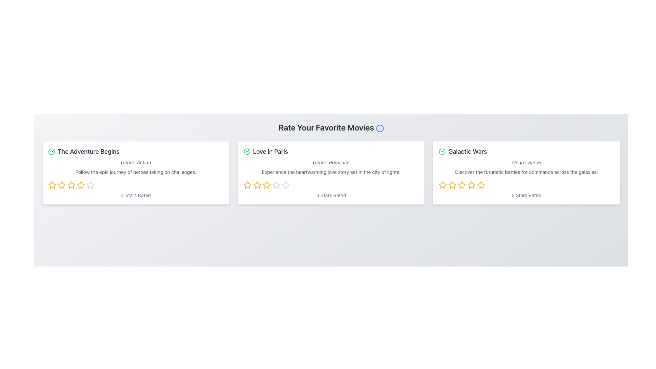 This screenshot has width=656, height=369. What do you see at coordinates (247, 185) in the screenshot?
I see `the first rating star icon (hollow yellow star) below the 'Love in Paris' movie card using keyboard focus` at bounding box center [247, 185].